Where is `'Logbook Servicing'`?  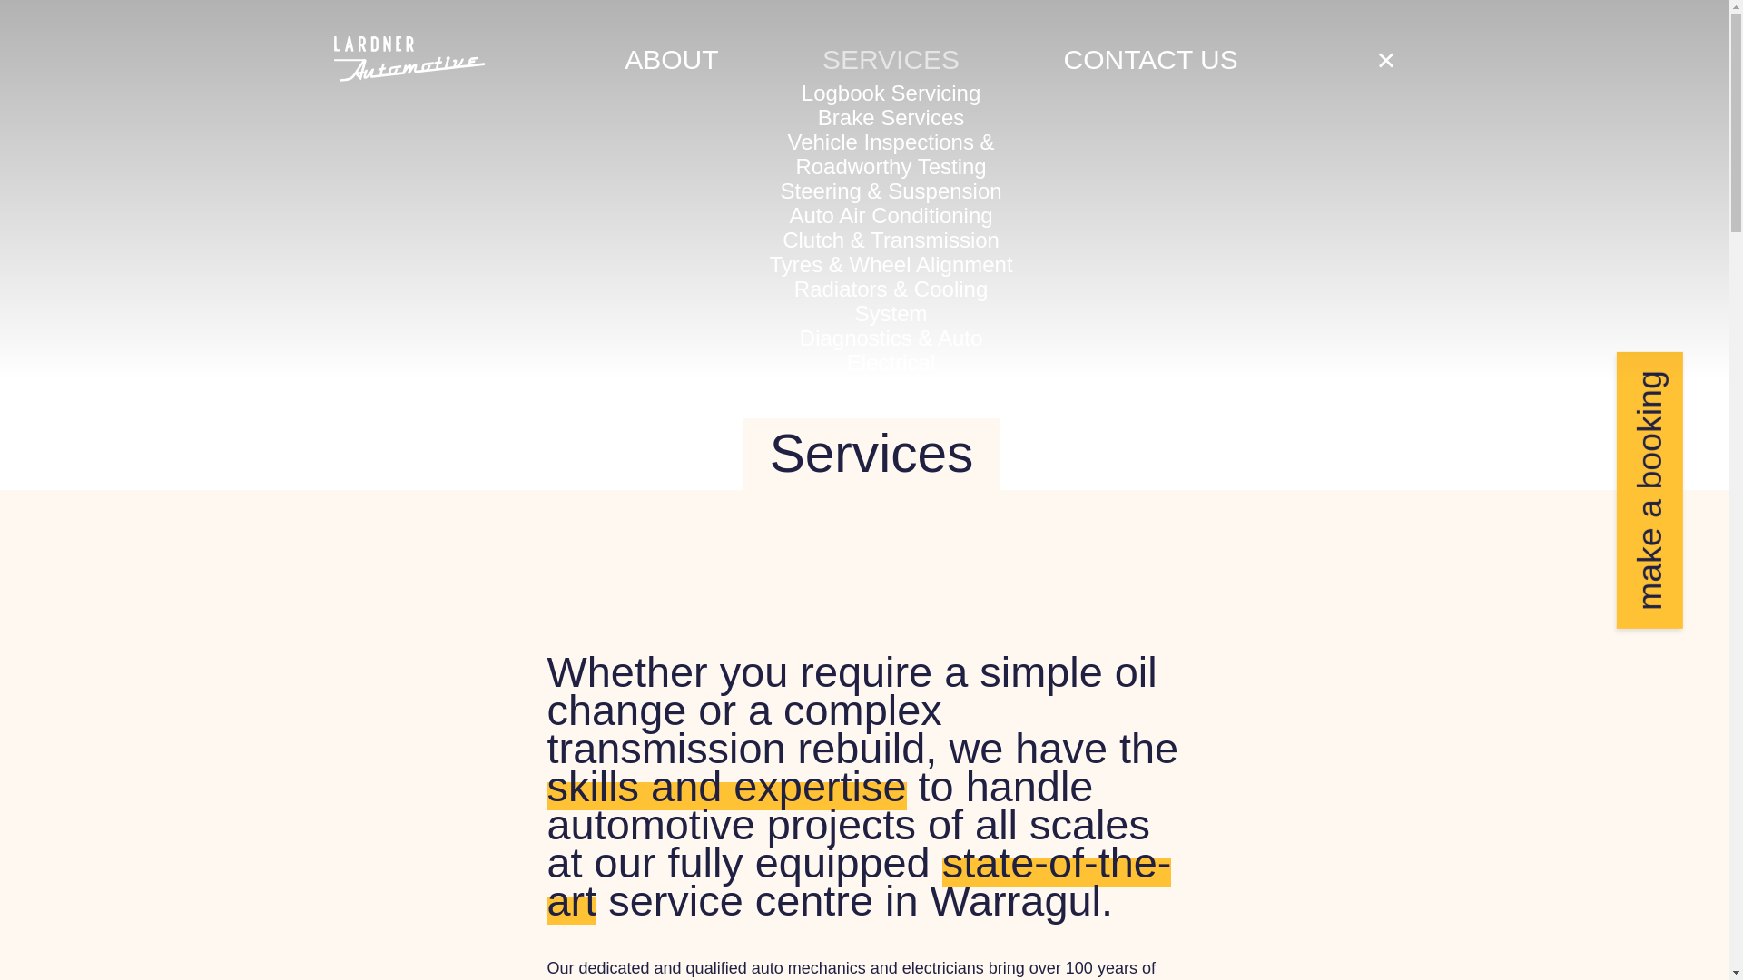 'Logbook Servicing' is located at coordinates (891, 92).